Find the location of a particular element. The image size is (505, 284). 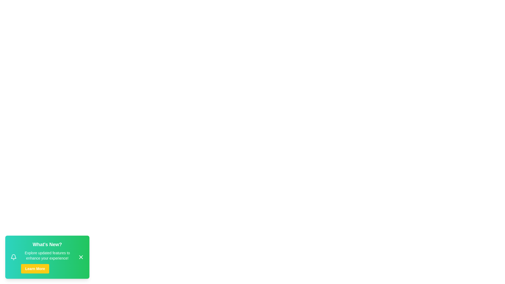

the close (X) button to close the snackbar is located at coordinates (80, 257).